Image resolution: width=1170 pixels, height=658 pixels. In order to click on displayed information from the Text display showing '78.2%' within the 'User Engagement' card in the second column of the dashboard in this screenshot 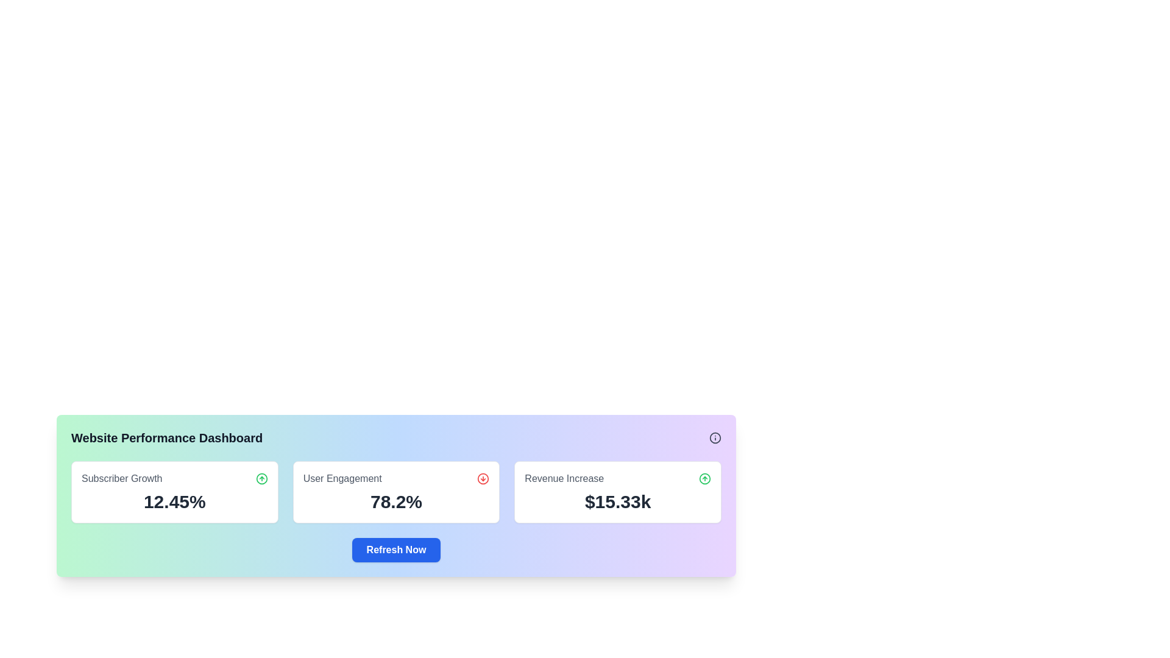, I will do `click(396, 502)`.